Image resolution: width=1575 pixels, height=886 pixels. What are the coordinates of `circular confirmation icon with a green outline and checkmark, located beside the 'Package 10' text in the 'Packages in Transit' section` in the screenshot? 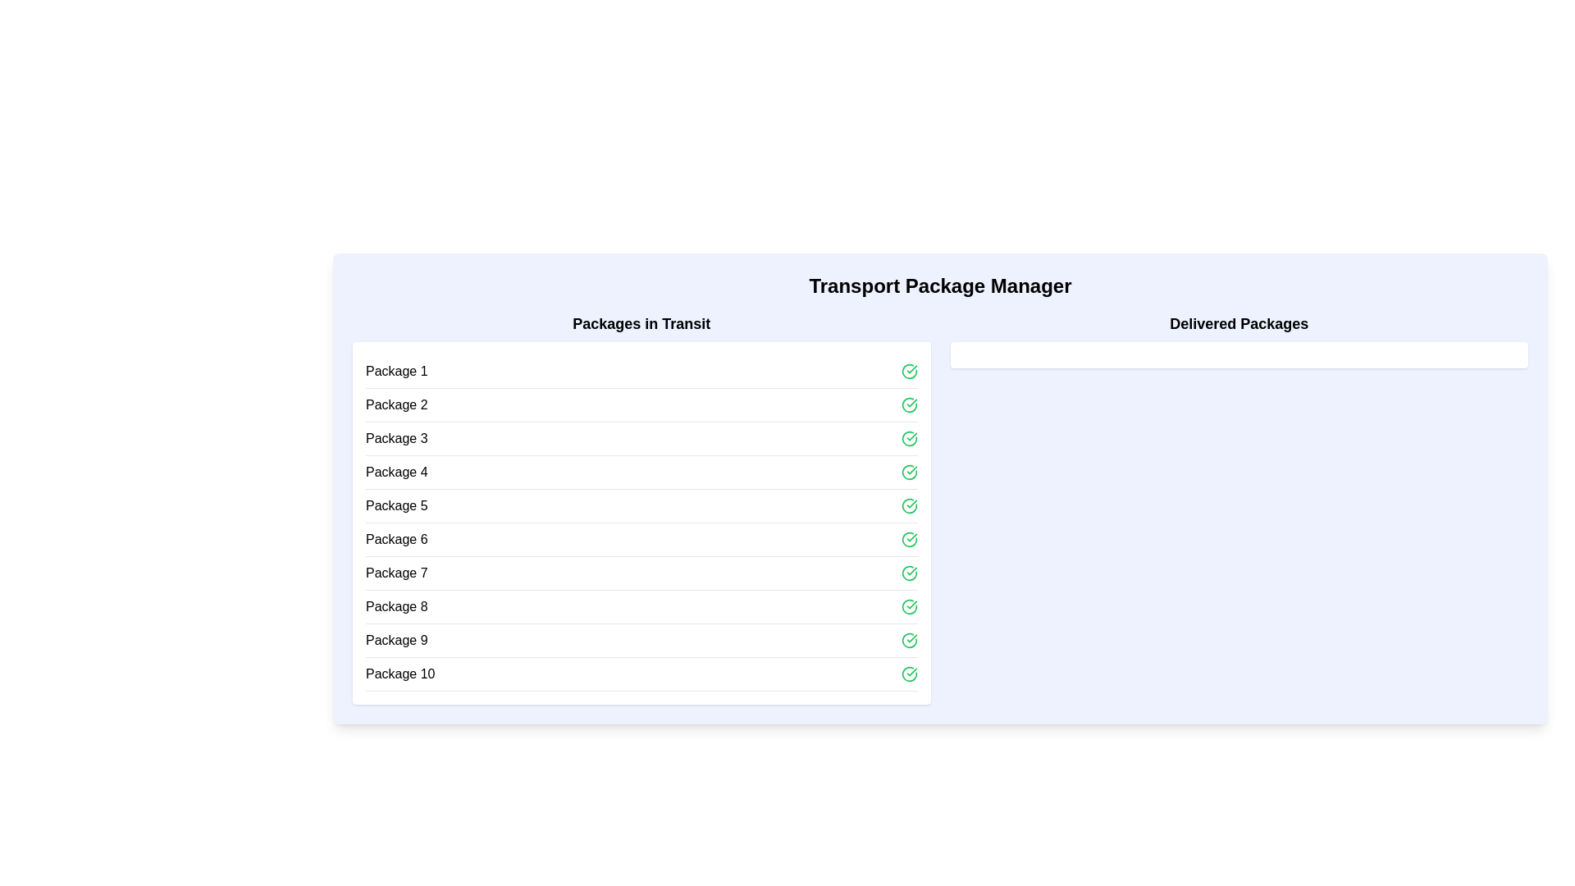 It's located at (908, 639).